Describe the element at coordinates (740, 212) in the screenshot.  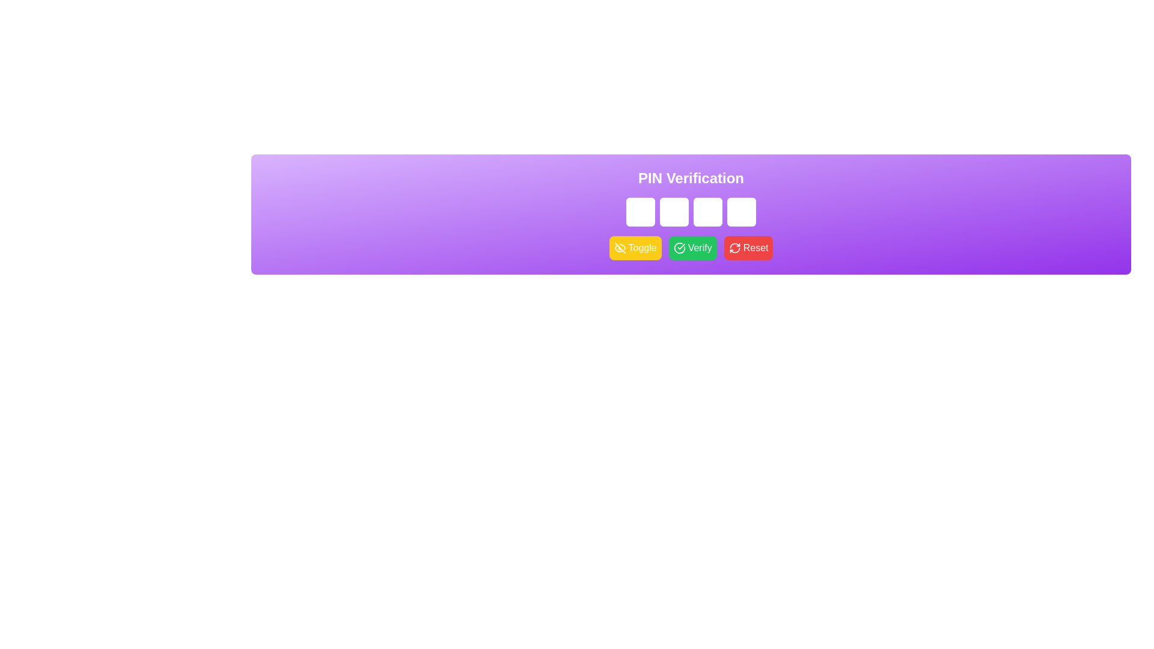
I see `the fourth input field for entering a digit or character in the PIN code, located in the purple gradient section titled 'PIN Verification'` at that location.